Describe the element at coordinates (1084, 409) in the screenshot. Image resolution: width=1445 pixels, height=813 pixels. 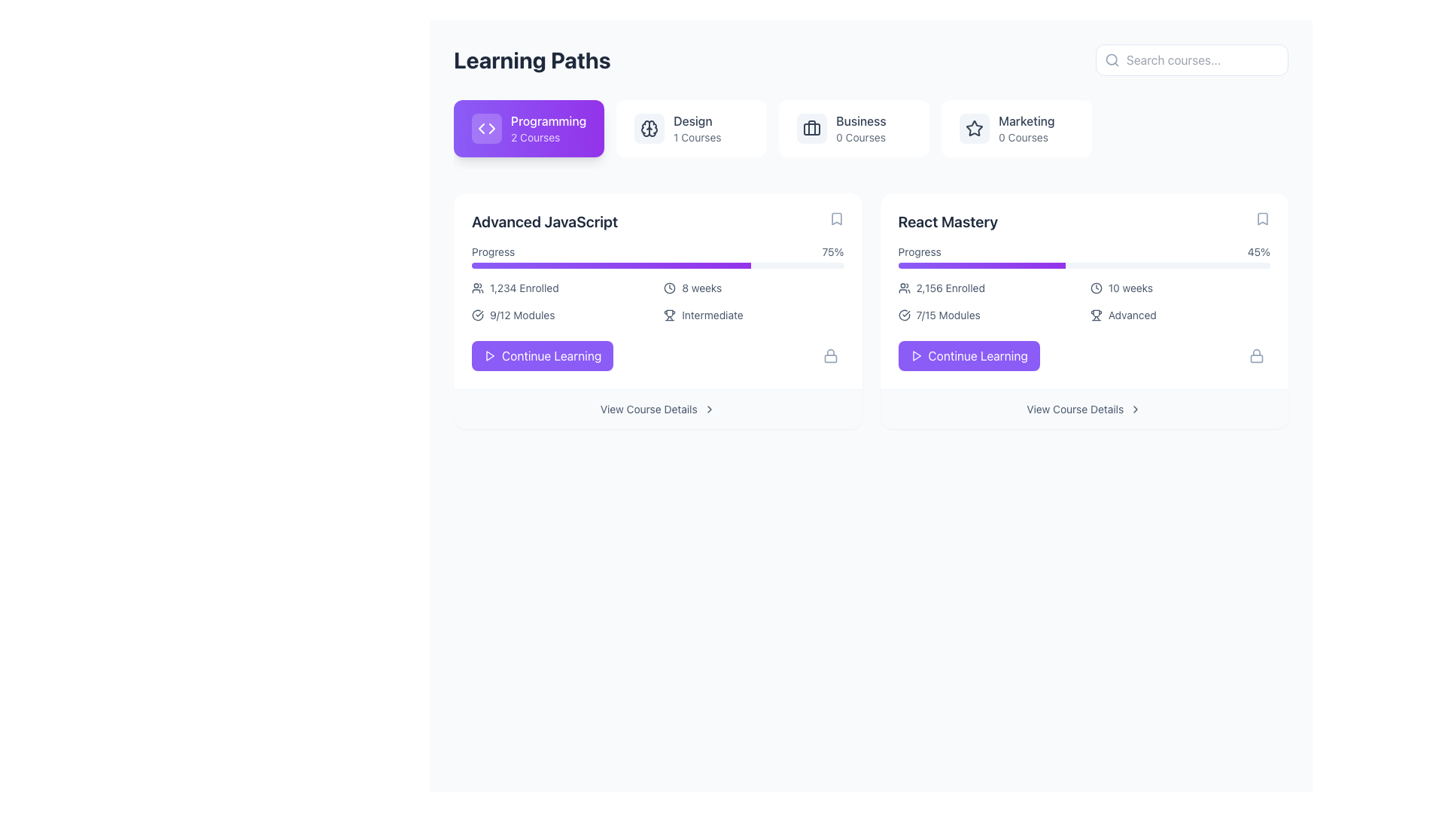
I see `the navigational button for the 'React Mastery' course` at that location.